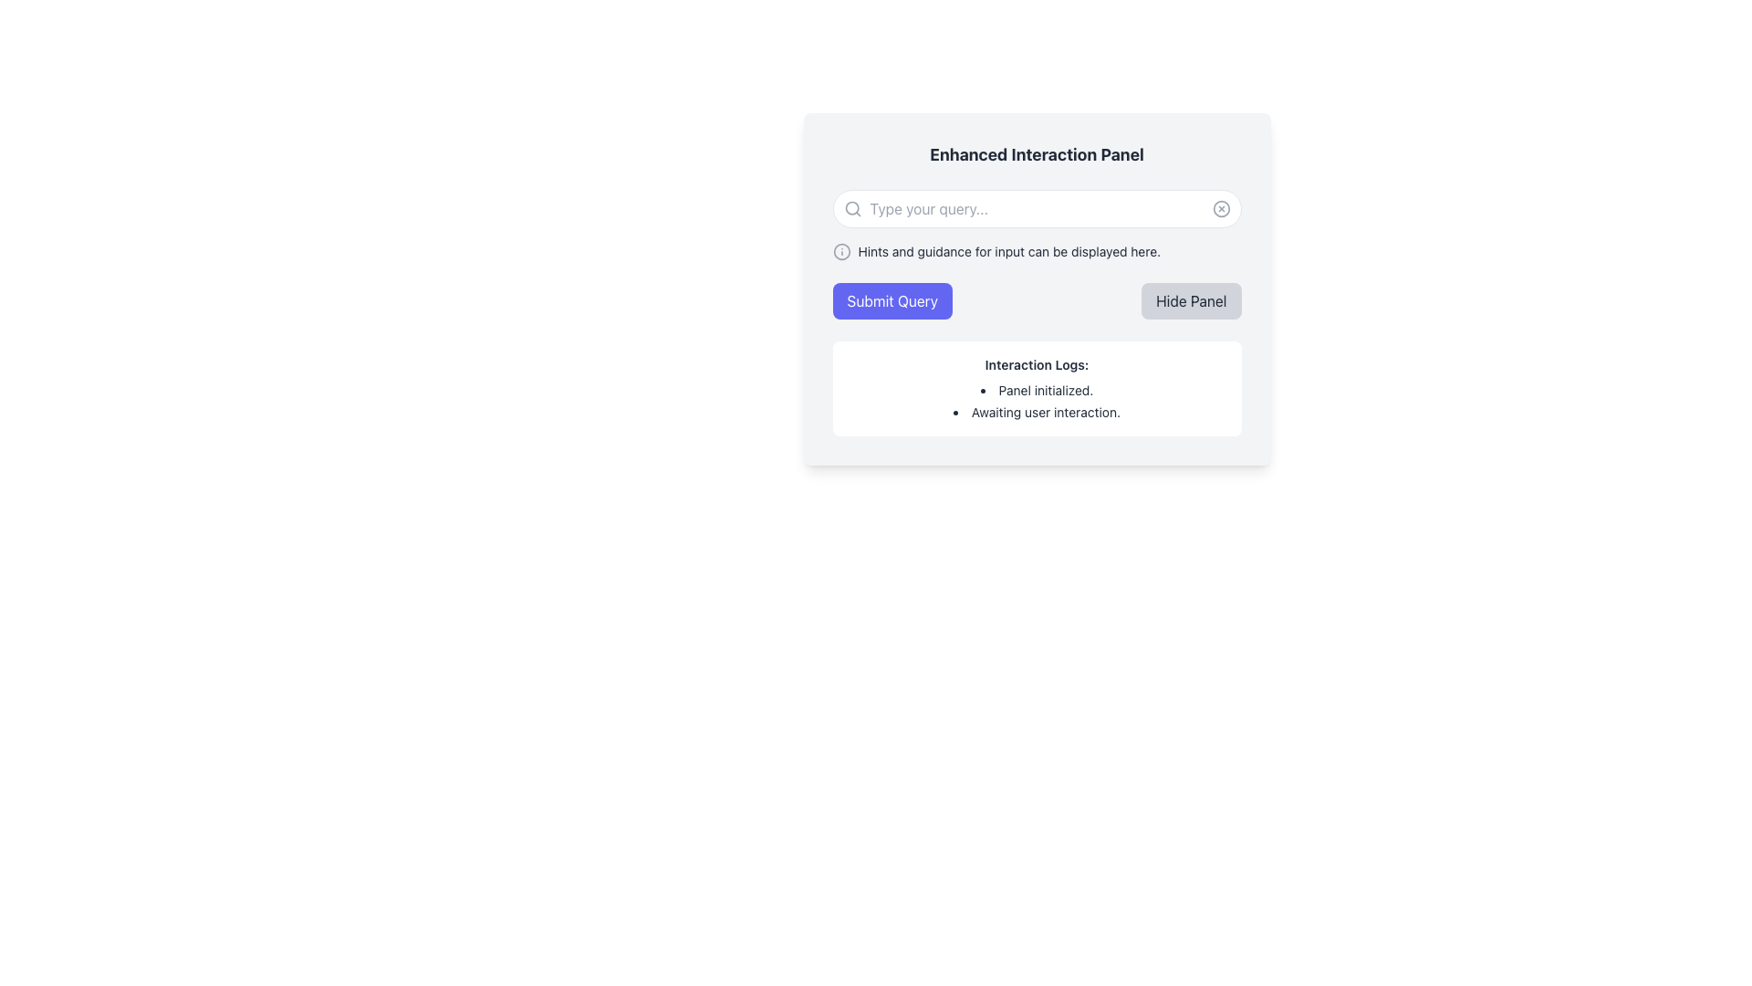 The height and width of the screenshot is (986, 1752). What do you see at coordinates (1037, 390) in the screenshot?
I see `the text list item displaying 'Panel initialized.' which is the first item in the bullet-point log under the 'Interaction Logs:' section` at bounding box center [1037, 390].